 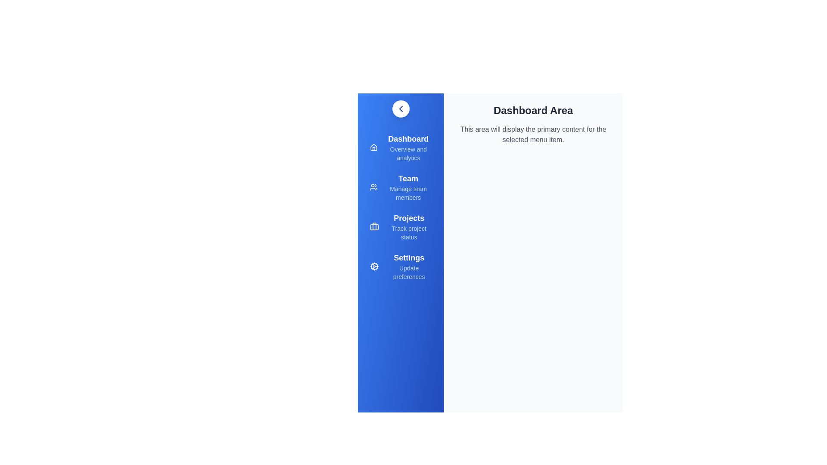 I want to click on the menu item Settings to navigate, so click(x=401, y=266).